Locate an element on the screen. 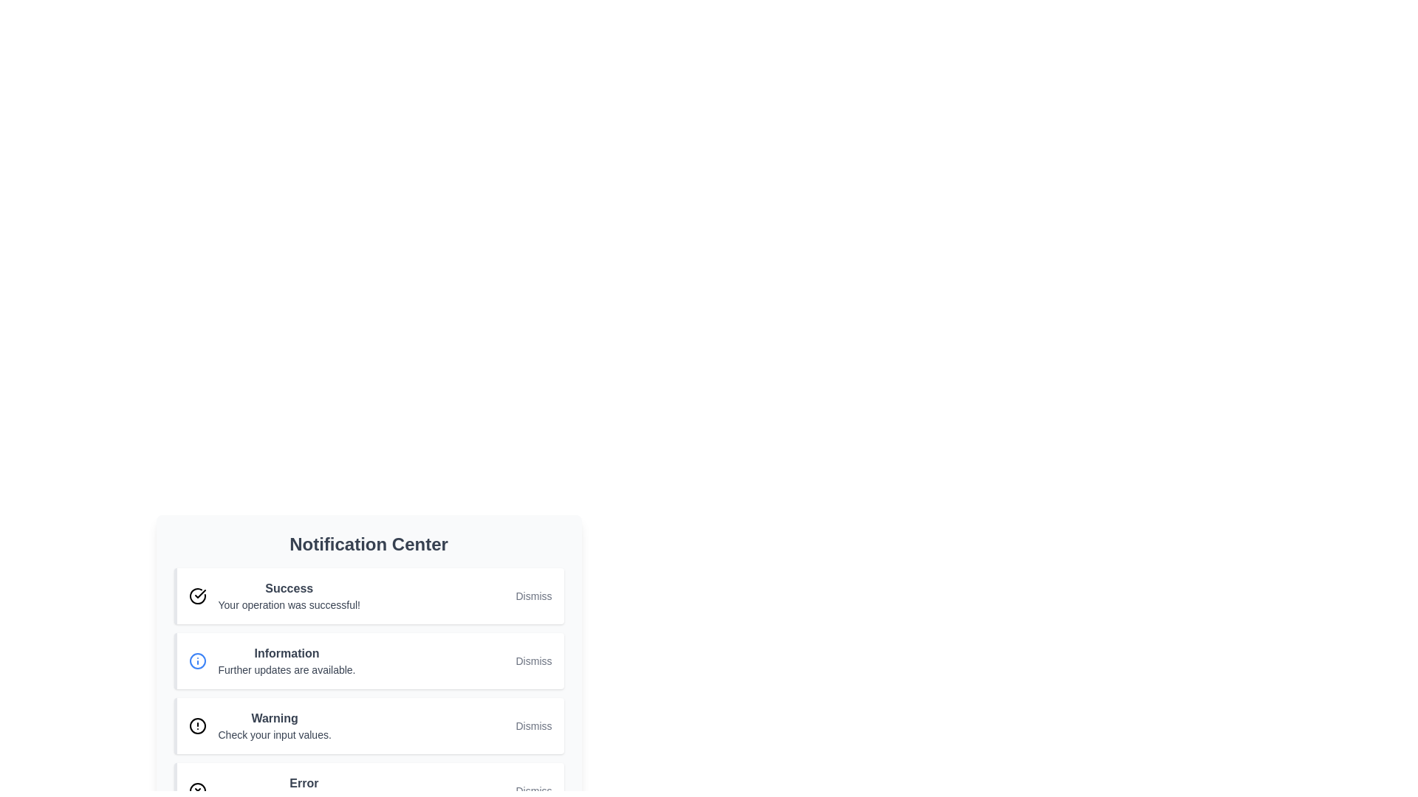  Text label that serves as the title for the notification under 'Information' is located at coordinates (287, 653).